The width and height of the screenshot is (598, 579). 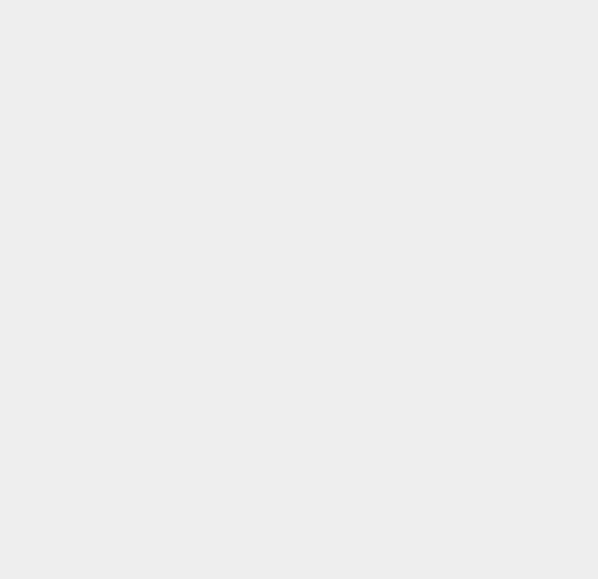 What do you see at coordinates (446, 57) in the screenshot?
I see `'macOS 10.15'` at bounding box center [446, 57].